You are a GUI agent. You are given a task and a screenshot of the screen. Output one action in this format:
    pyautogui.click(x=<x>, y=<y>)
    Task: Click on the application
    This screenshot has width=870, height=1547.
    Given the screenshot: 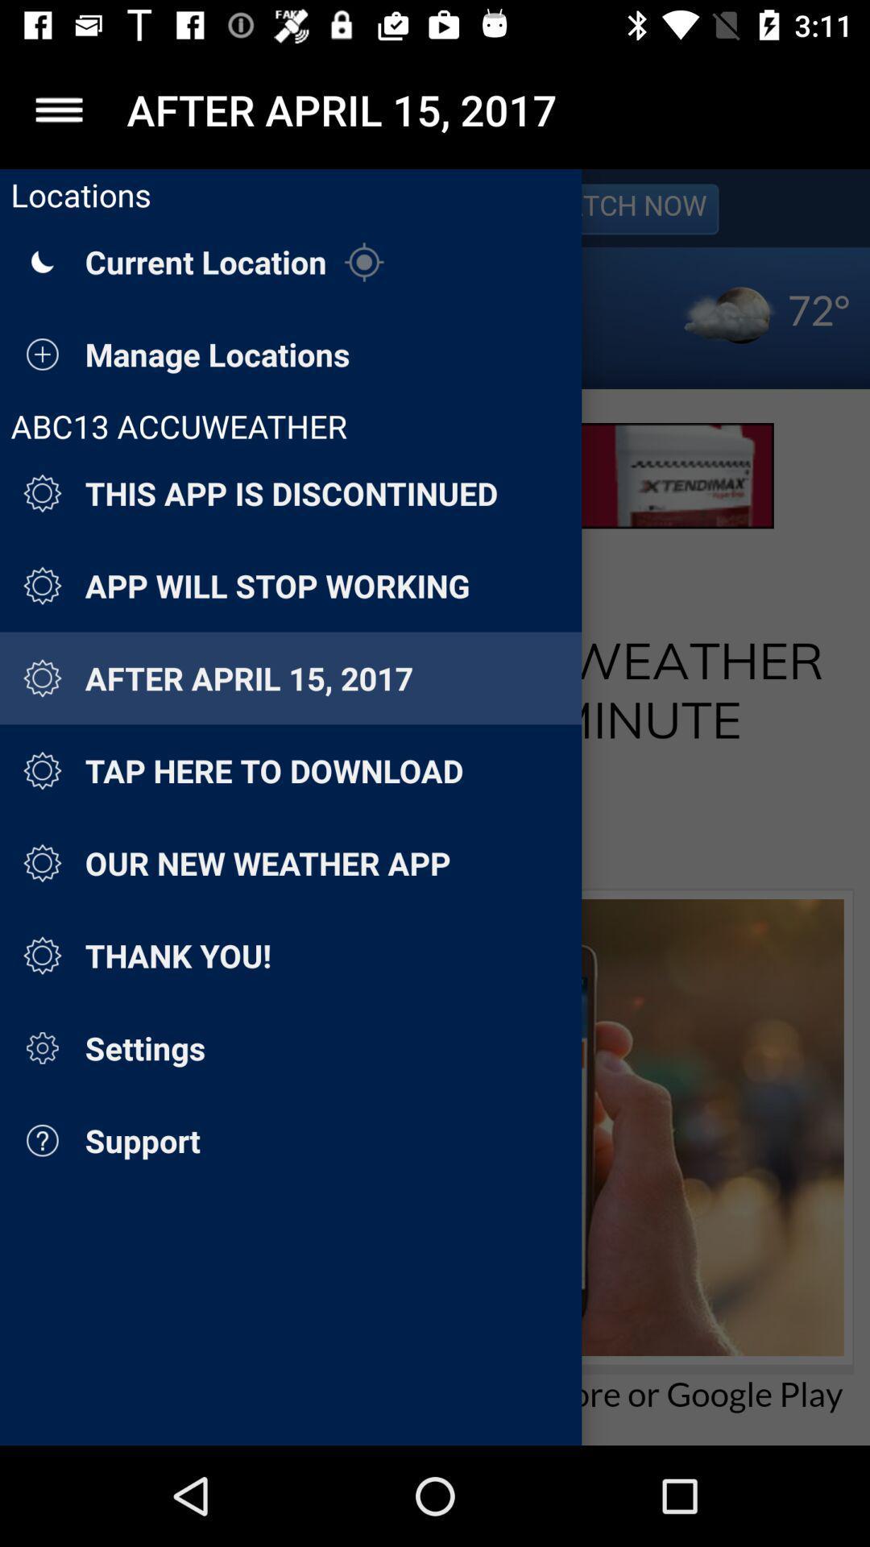 What is the action you would take?
    pyautogui.click(x=58, y=109)
    